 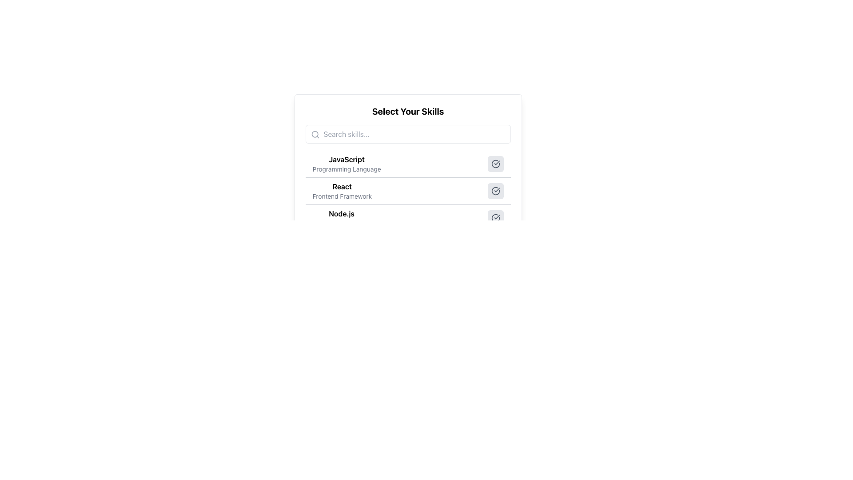 I want to click on the checkmark icon inside a circle located to the right of the 'JavaScript' text, so click(x=495, y=164).